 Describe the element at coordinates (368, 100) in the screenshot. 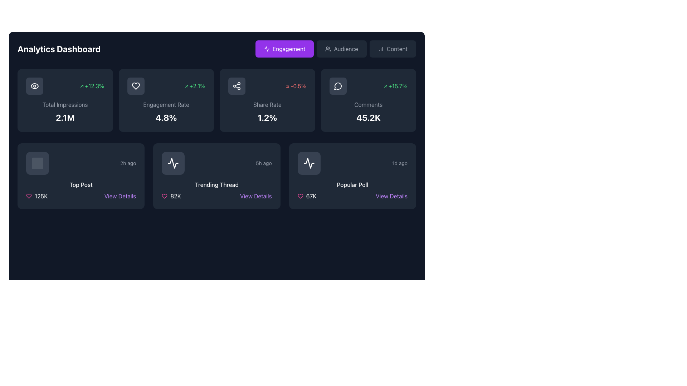

I see `the Interactive data display box that shows comments-related statistics, including total comments ('45.2K') and percentage change ('+15.7%')` at that location.